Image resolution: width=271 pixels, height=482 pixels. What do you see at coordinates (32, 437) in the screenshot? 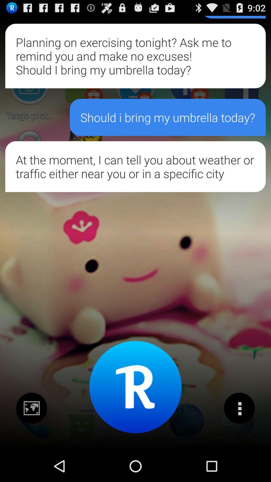
I see `the wallpaper icon` at bounding box center [32, 437].